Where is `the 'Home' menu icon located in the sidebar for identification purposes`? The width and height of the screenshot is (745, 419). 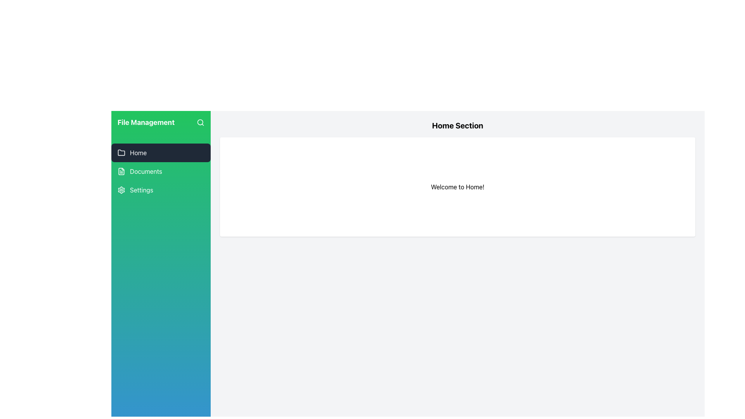 the 'Home' menu icon located in the sidebar for identification purposes is located at coordinates (121, 152).